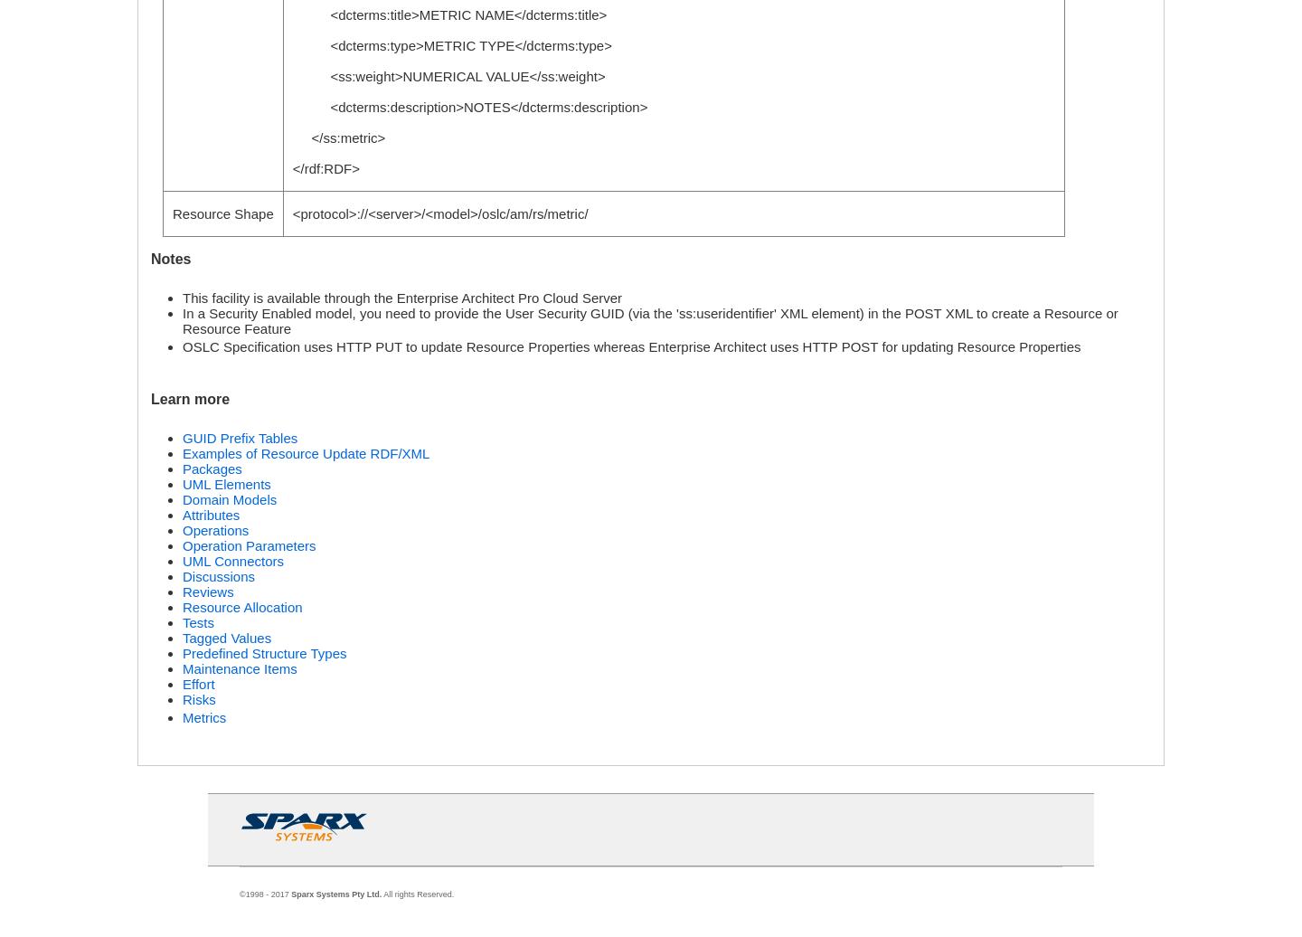 The image size is (1302, 937). I want to click on 'UML Elements', so click(225, 484).